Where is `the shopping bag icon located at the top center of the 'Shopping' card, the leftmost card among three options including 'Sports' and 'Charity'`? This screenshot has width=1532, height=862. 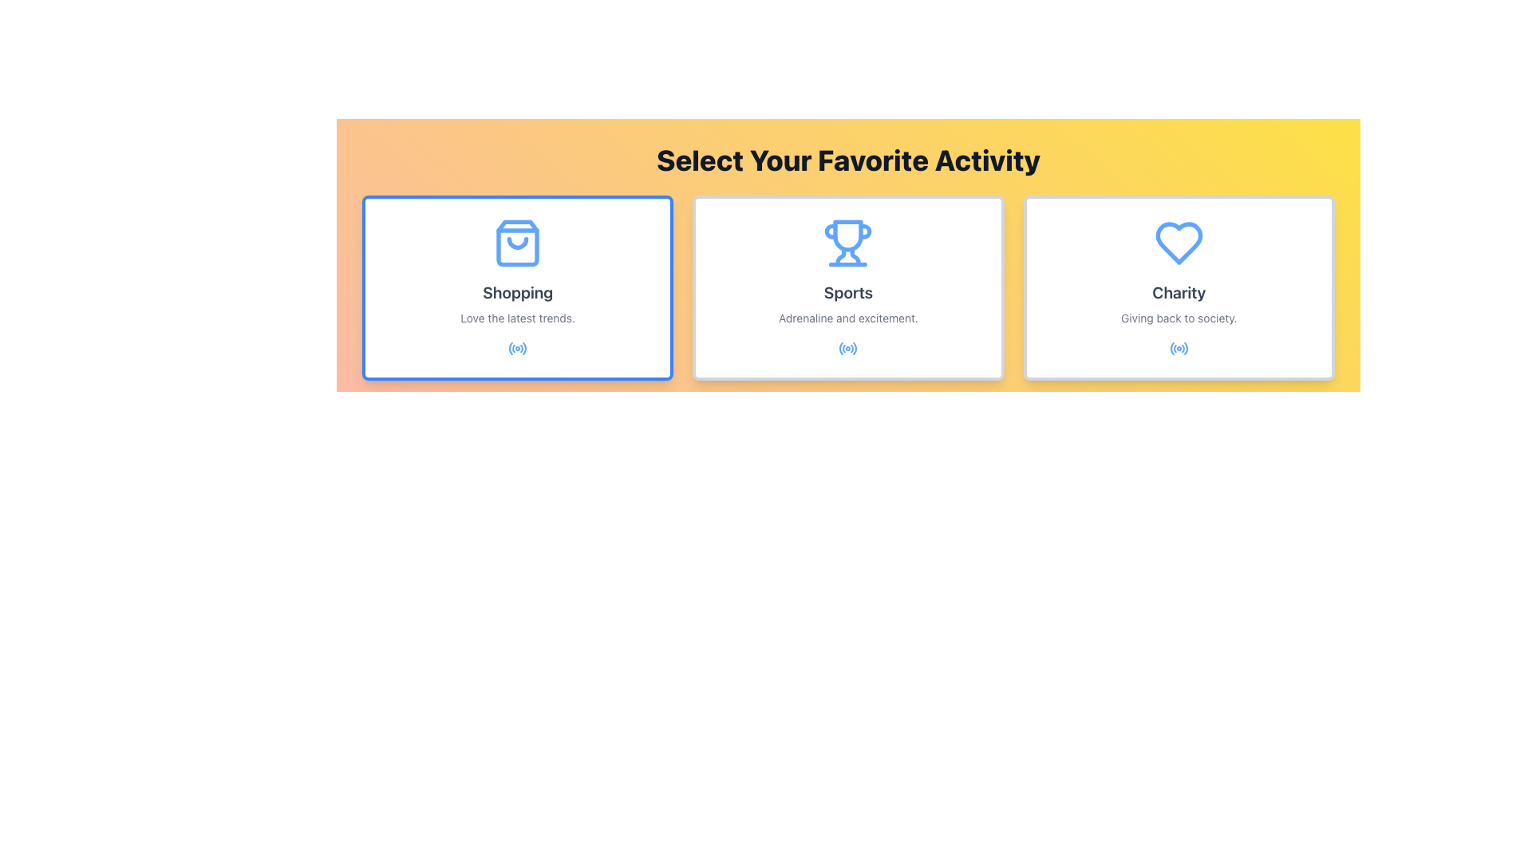 the shopping bag icon located at the top center of the 'Shopping' card, the leftmost card among three options including 'Sports' and 'Charity' is located at coordinates (518, 243).